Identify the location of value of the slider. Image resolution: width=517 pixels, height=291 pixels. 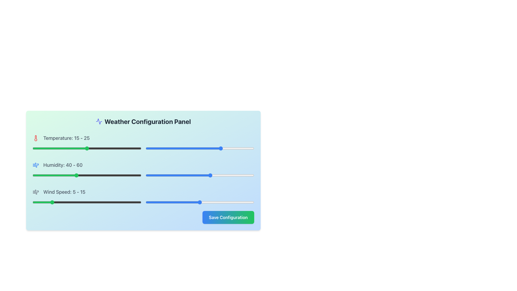
(235, 148).